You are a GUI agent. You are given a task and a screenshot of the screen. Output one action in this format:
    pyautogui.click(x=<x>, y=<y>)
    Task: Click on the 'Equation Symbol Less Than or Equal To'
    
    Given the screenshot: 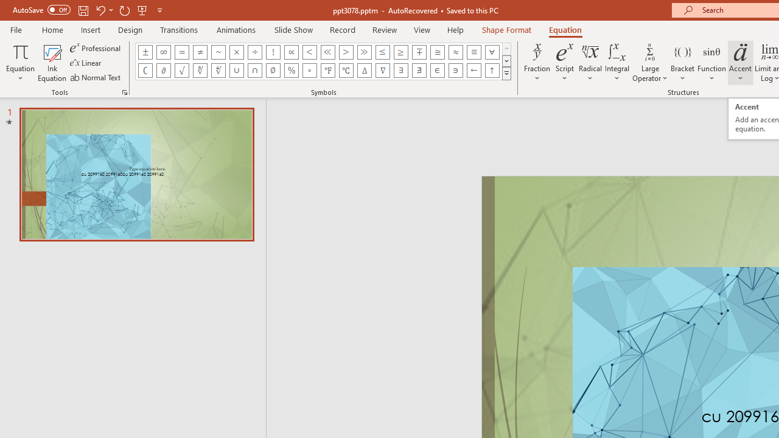 What is the action you would take?
    pyautogui.click(x=382, y=52)
    